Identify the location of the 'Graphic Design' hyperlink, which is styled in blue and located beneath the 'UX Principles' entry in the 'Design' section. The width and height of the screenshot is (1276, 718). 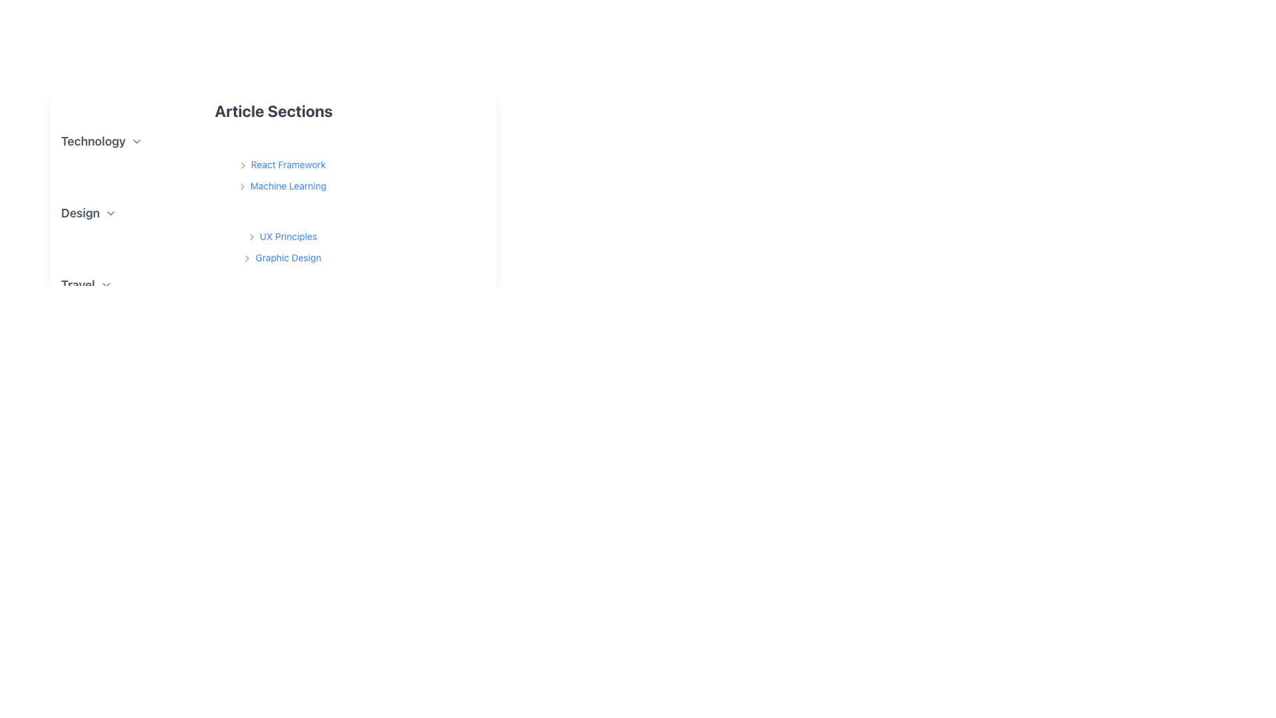
(280, 257).